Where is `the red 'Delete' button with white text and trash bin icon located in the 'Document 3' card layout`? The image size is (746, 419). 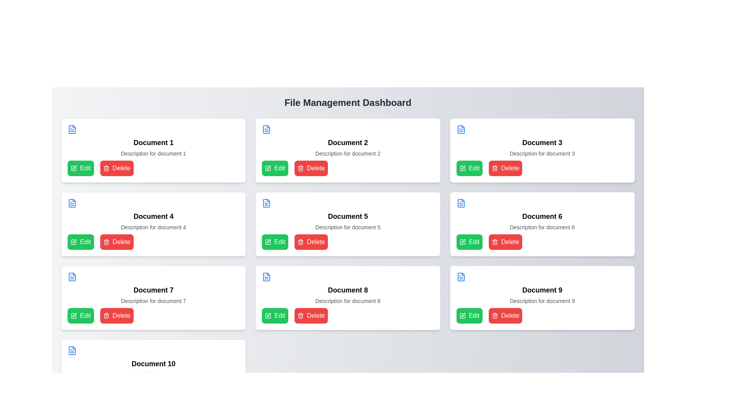 the red 'Delete' button with white text and trash bin icon located in the 'Document 3' card layout is located at coordinates (505, 168).